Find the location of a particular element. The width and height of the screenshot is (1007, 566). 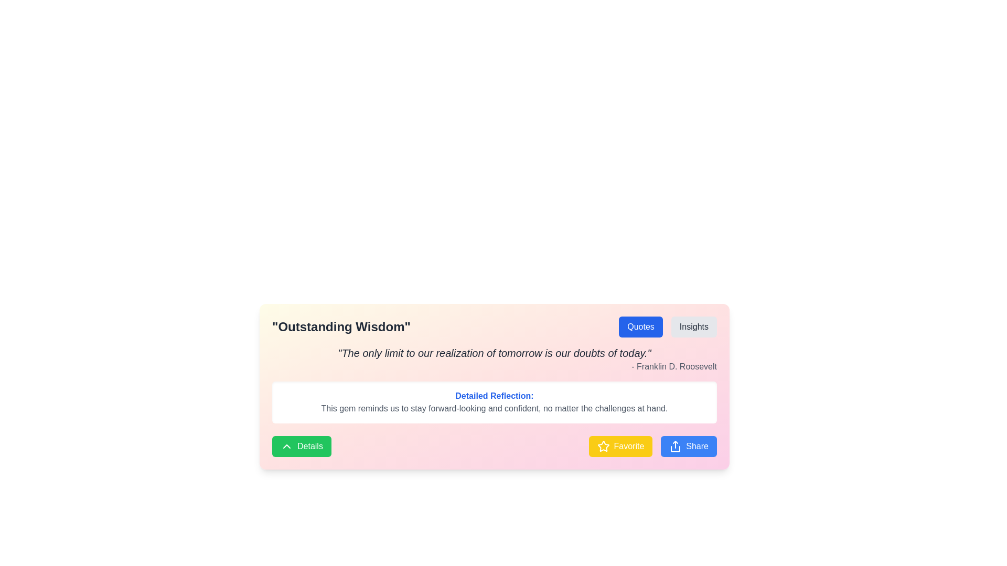

the blue upward arrow icon within the 'Share' button is located at coordinates (676, 447).